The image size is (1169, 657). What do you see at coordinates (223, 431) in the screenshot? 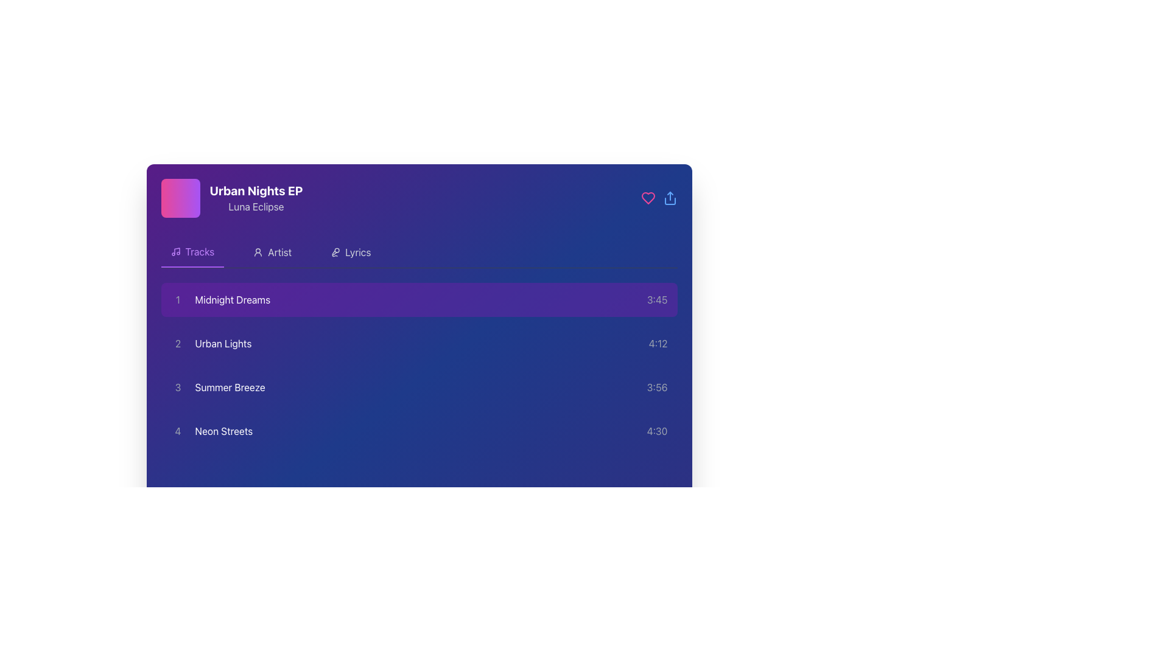
I see `the text label for the music track titled 'Neon Streets'` at bounding box center [223, 431].